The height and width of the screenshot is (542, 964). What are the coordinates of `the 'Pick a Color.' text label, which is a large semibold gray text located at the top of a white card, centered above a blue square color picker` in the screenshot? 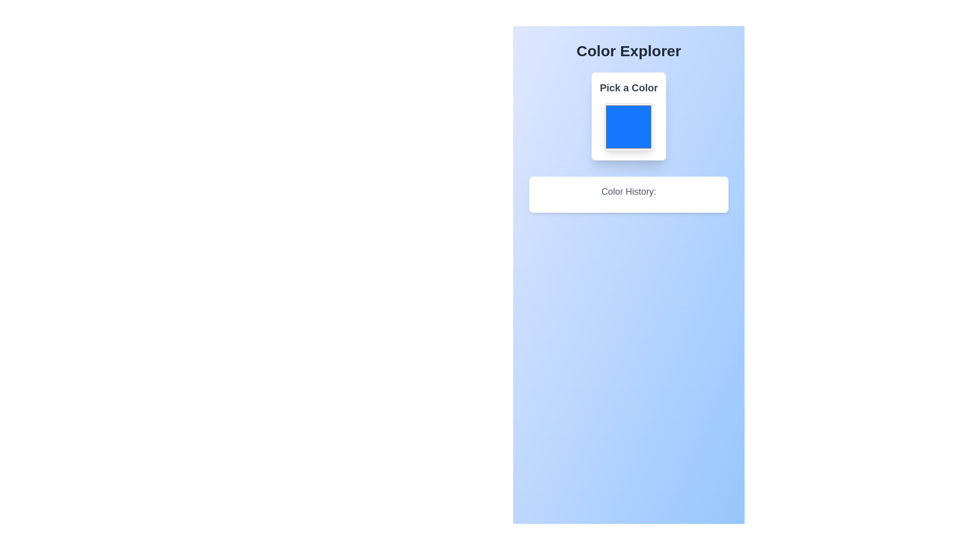 It's located at (628, 87).